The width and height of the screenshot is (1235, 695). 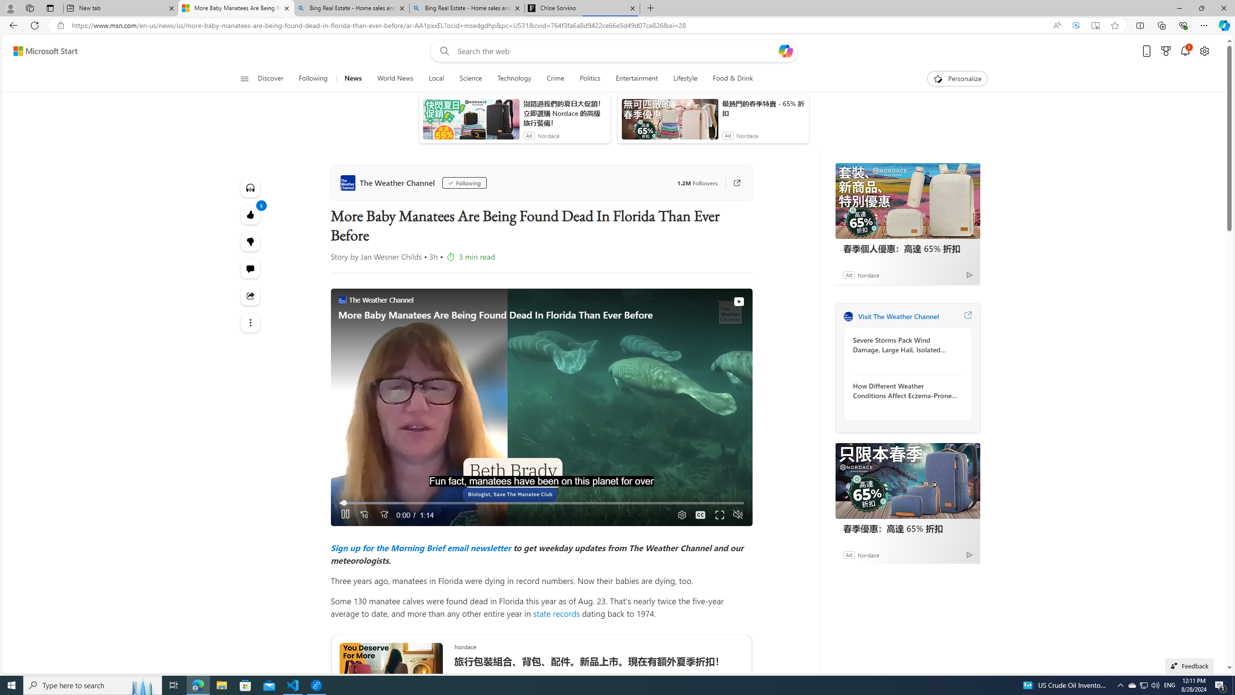 I want to click on 'World News', so click(x=395, y=78).